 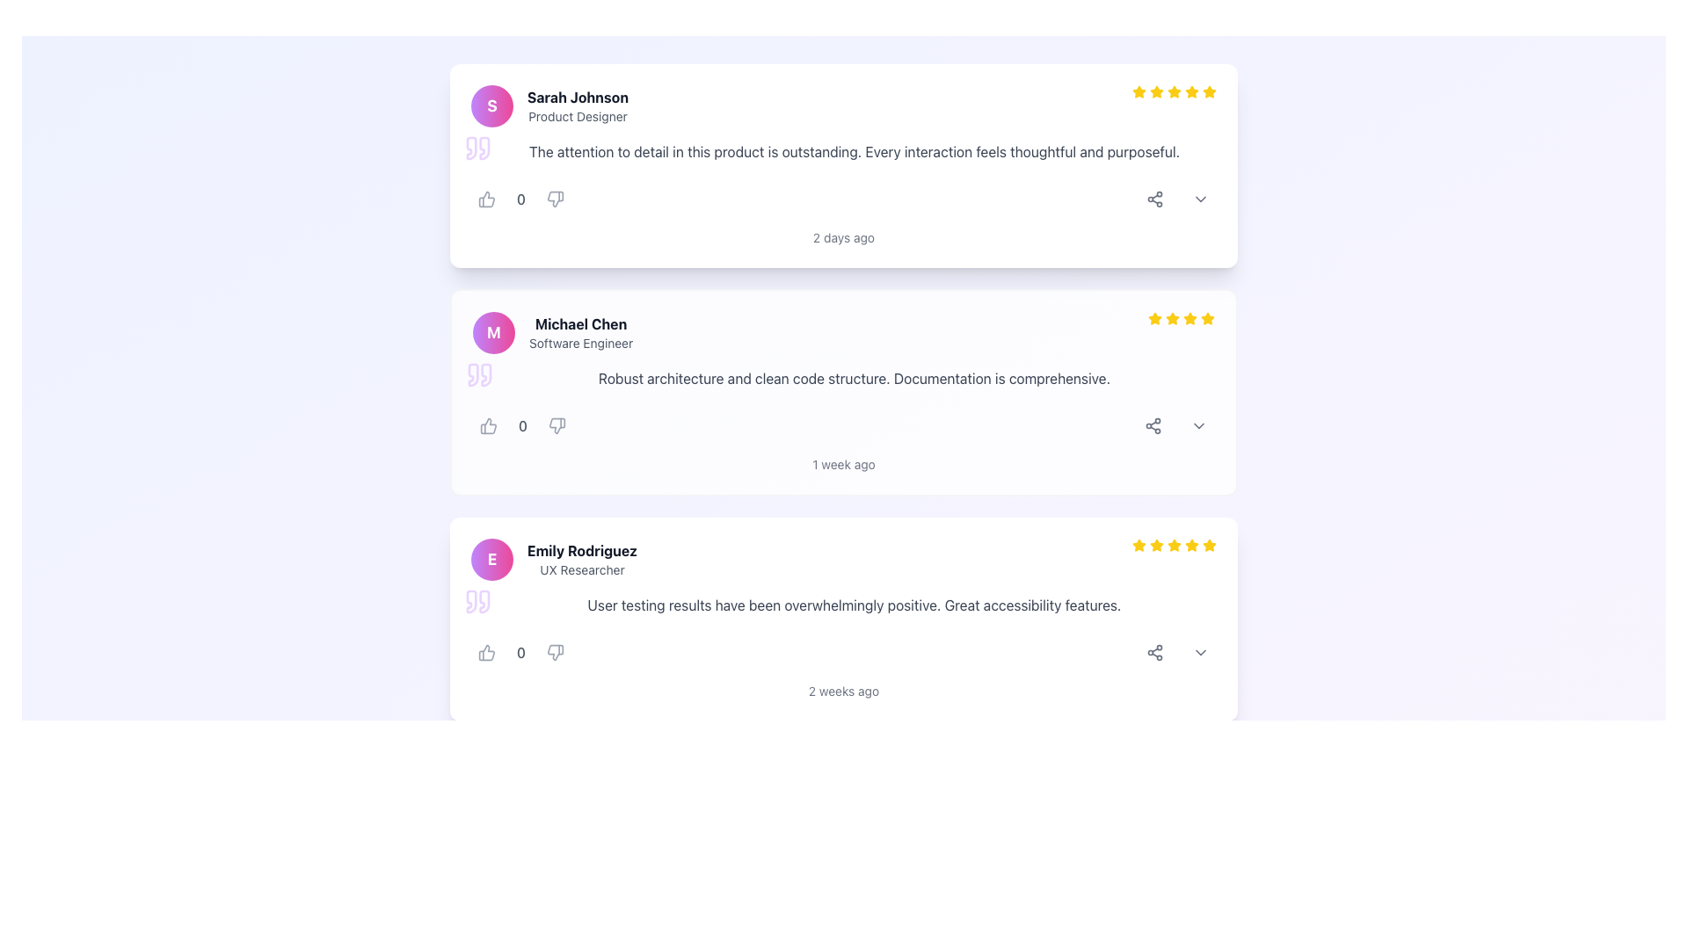 What do you see at coordinates (556, 426) in the screenshot?
I see `the thumbs-down icon, which is a minimalistic outline style icon located next to the numeral '0' in the second comment block` at bounding box center [556, 426].